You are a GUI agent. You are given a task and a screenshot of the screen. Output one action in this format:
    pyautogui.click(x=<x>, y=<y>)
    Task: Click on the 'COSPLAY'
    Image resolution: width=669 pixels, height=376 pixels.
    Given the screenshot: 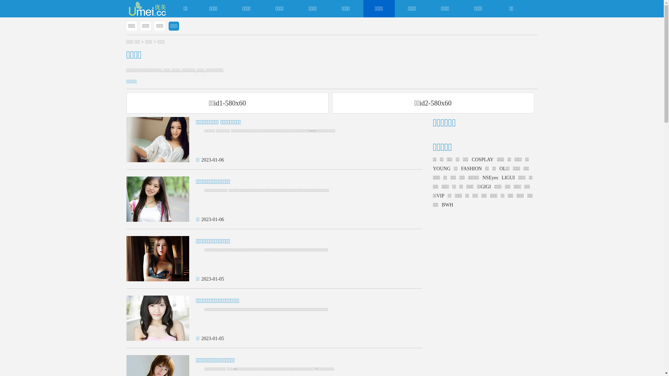 What is the action you would take?
    pyautogui.click(x=484, y=160)
    